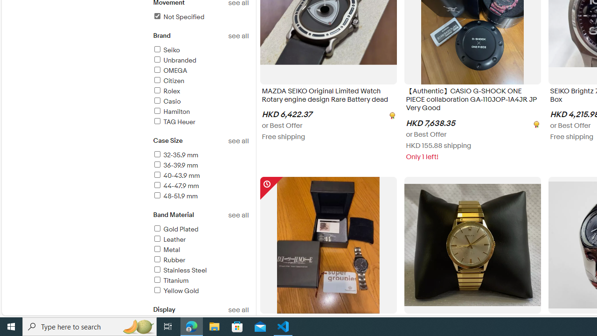 This screenshot has height=336, width=597. Describe the element at coordinates (200, 17) in the screenshot. I see `'Not SpecifiedFilter Applied'` at that location.